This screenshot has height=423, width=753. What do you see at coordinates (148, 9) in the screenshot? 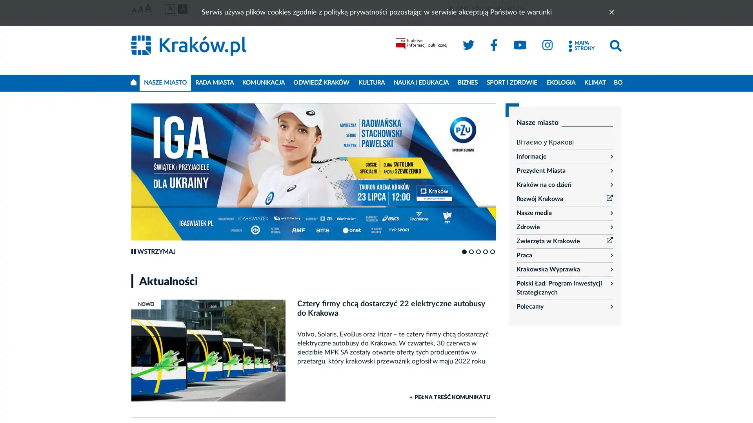
I see `Najwieksza czcionka` at bounding box center [148, 9].